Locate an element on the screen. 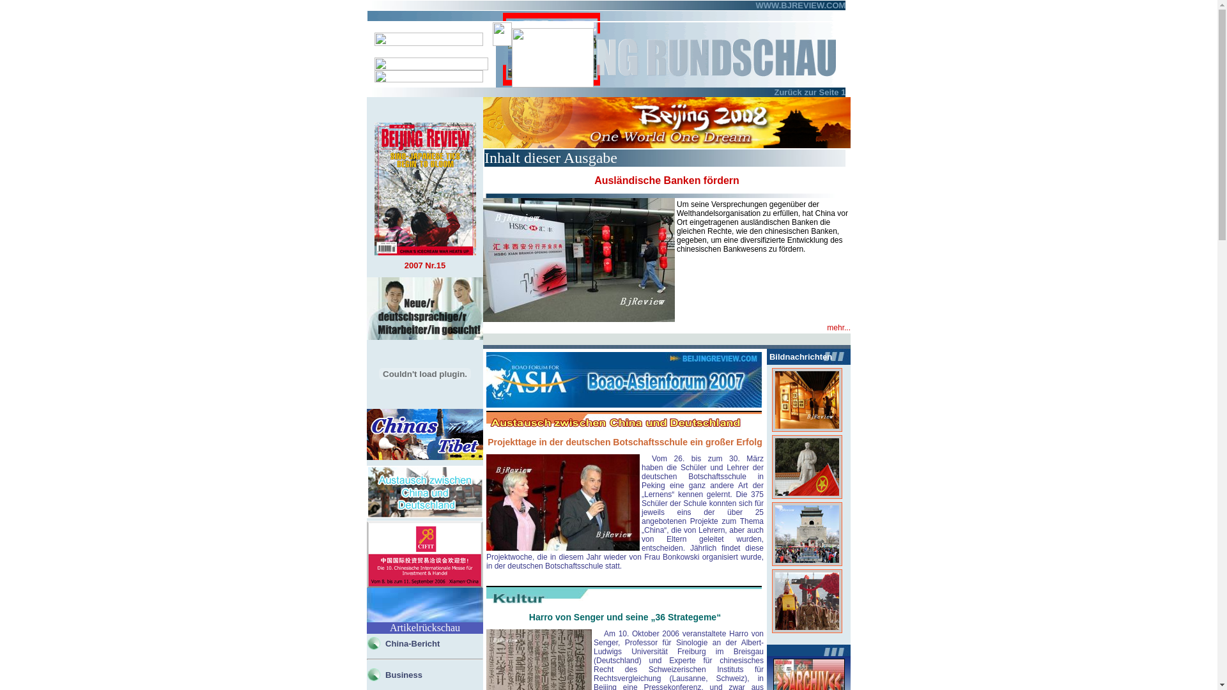 Image resolution: width=1227 pixels, height=690 pixels. 'China-Bericht' is located at coordinates (412, 643).